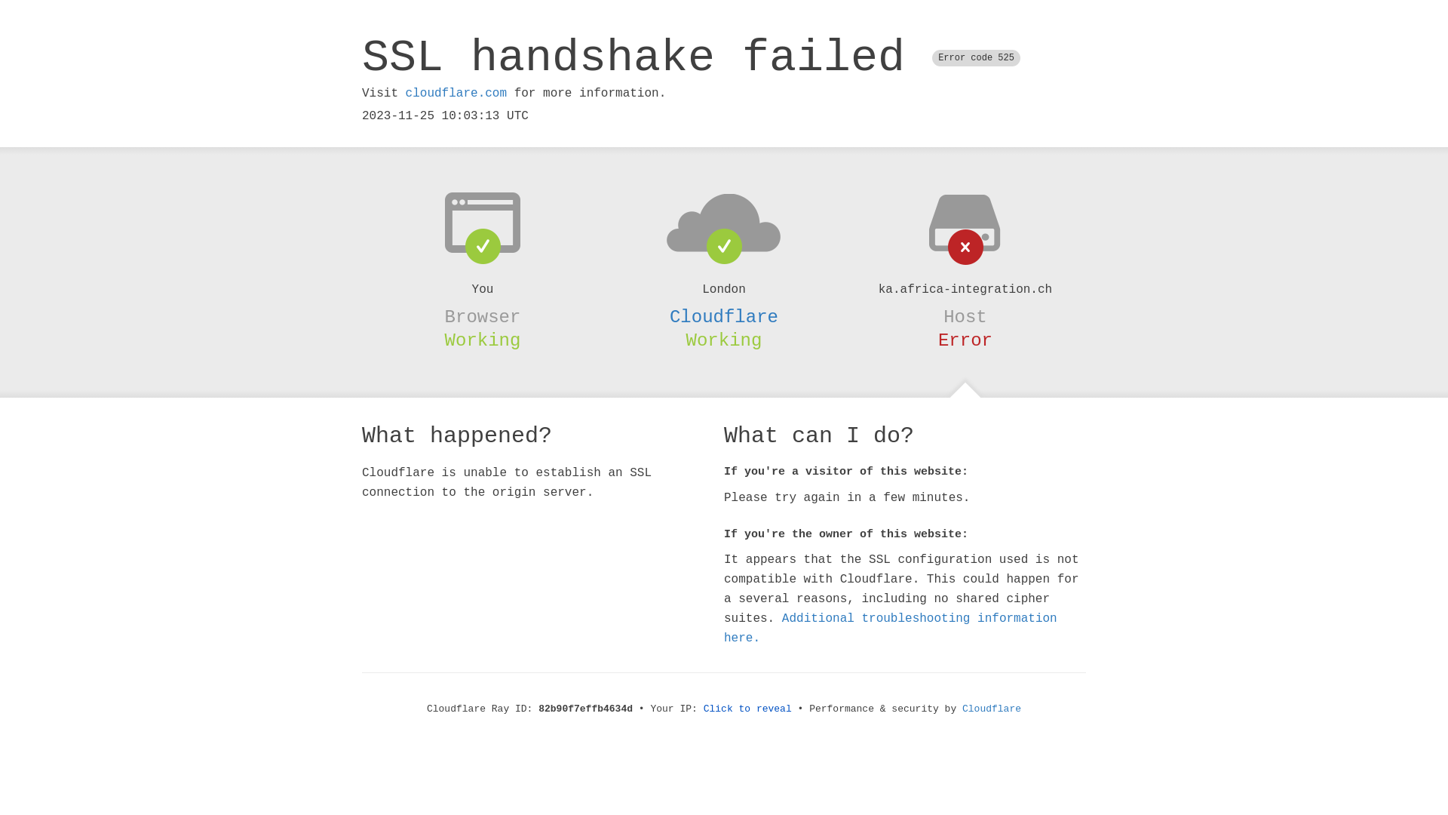  What do you see at coordinates (405, 93) in the screenshot?
I see `'cloudflare.com'` at bounding box center [405, 93].